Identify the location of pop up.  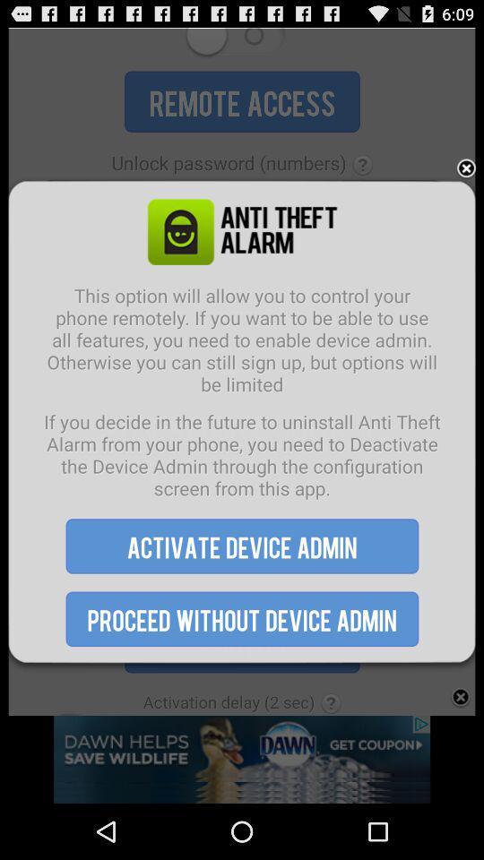
(466, 168).